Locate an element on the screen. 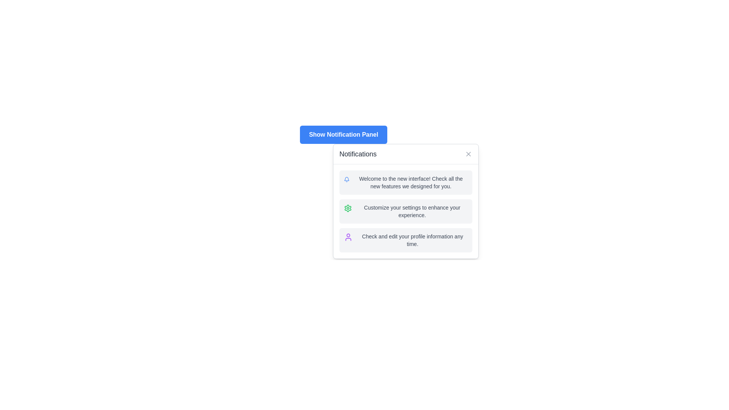 This screenshot has width=729, height=410. the user profile icon located to the left within the notification card containing the message 'Check and edit your profile information any time.' is located at coordinates (348, 237).